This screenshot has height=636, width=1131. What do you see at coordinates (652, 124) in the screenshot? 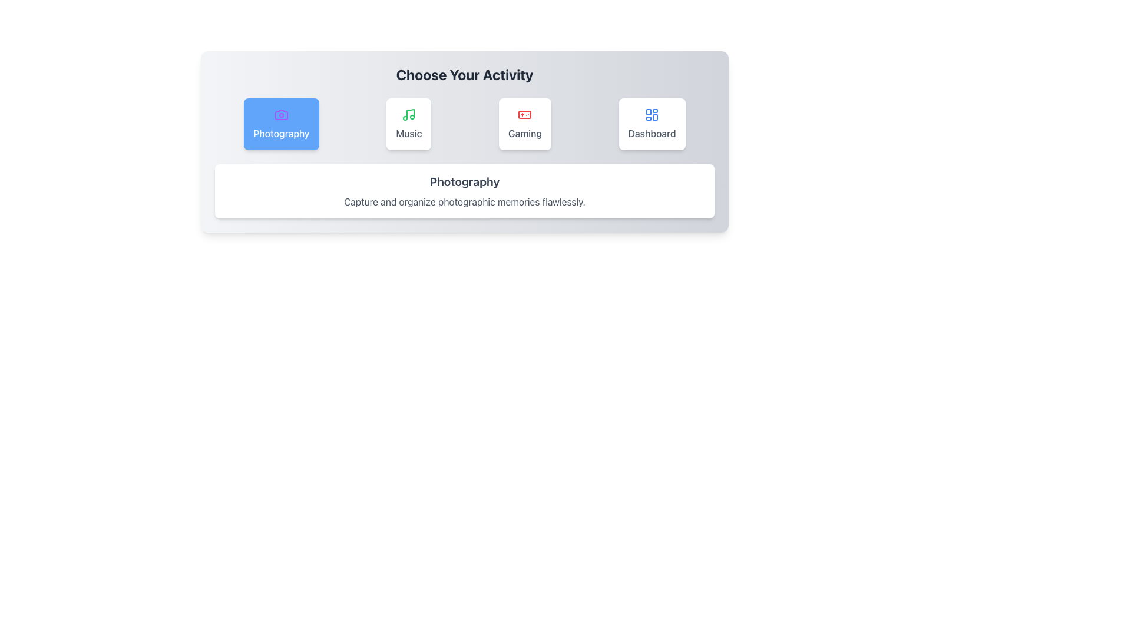
I see `the 'Dashboard' button, which is a rectangular button with rounded corners, white background, featuring an icon of four blue squares and the text label 'Dashboard' in gray, located on the far right of a horizontal row of buttons` at bounding box center [652, 124].